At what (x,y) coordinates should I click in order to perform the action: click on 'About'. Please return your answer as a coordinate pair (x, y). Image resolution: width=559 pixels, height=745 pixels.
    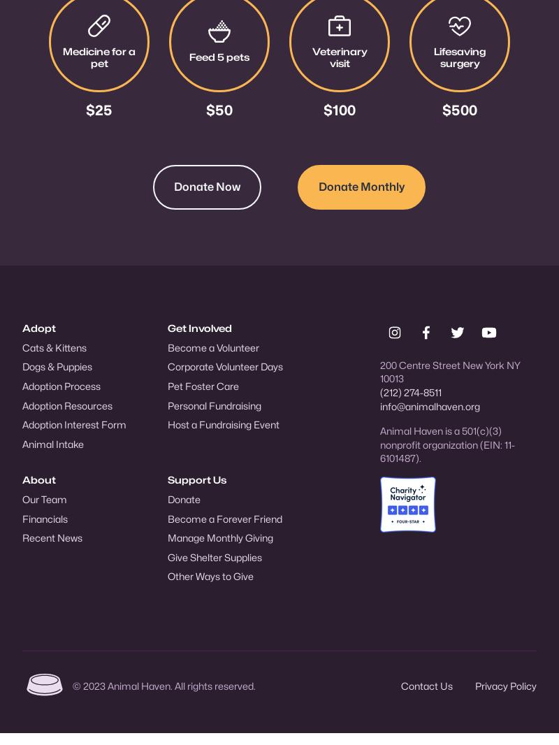
    Looking at the image, I should click on (38, 479).